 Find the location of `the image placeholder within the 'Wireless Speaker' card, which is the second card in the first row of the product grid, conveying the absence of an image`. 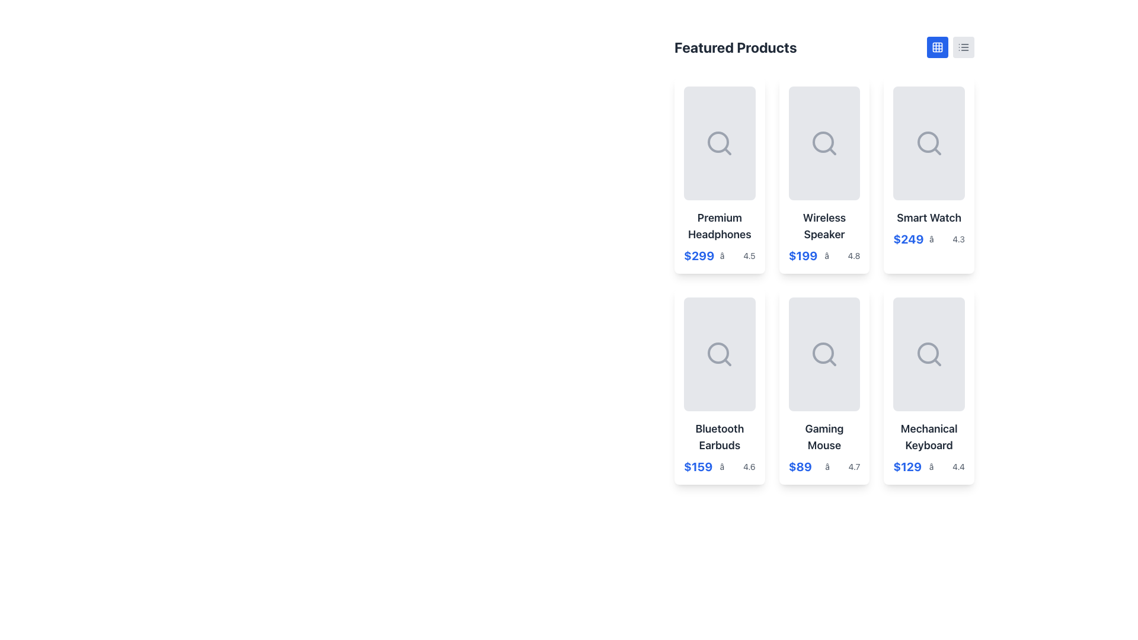

the image placeholder within the 'Wireless Speaker' card, which is the second card in the first row of the product grid, conveying the absence of an image is located at coordinates (824, 143).